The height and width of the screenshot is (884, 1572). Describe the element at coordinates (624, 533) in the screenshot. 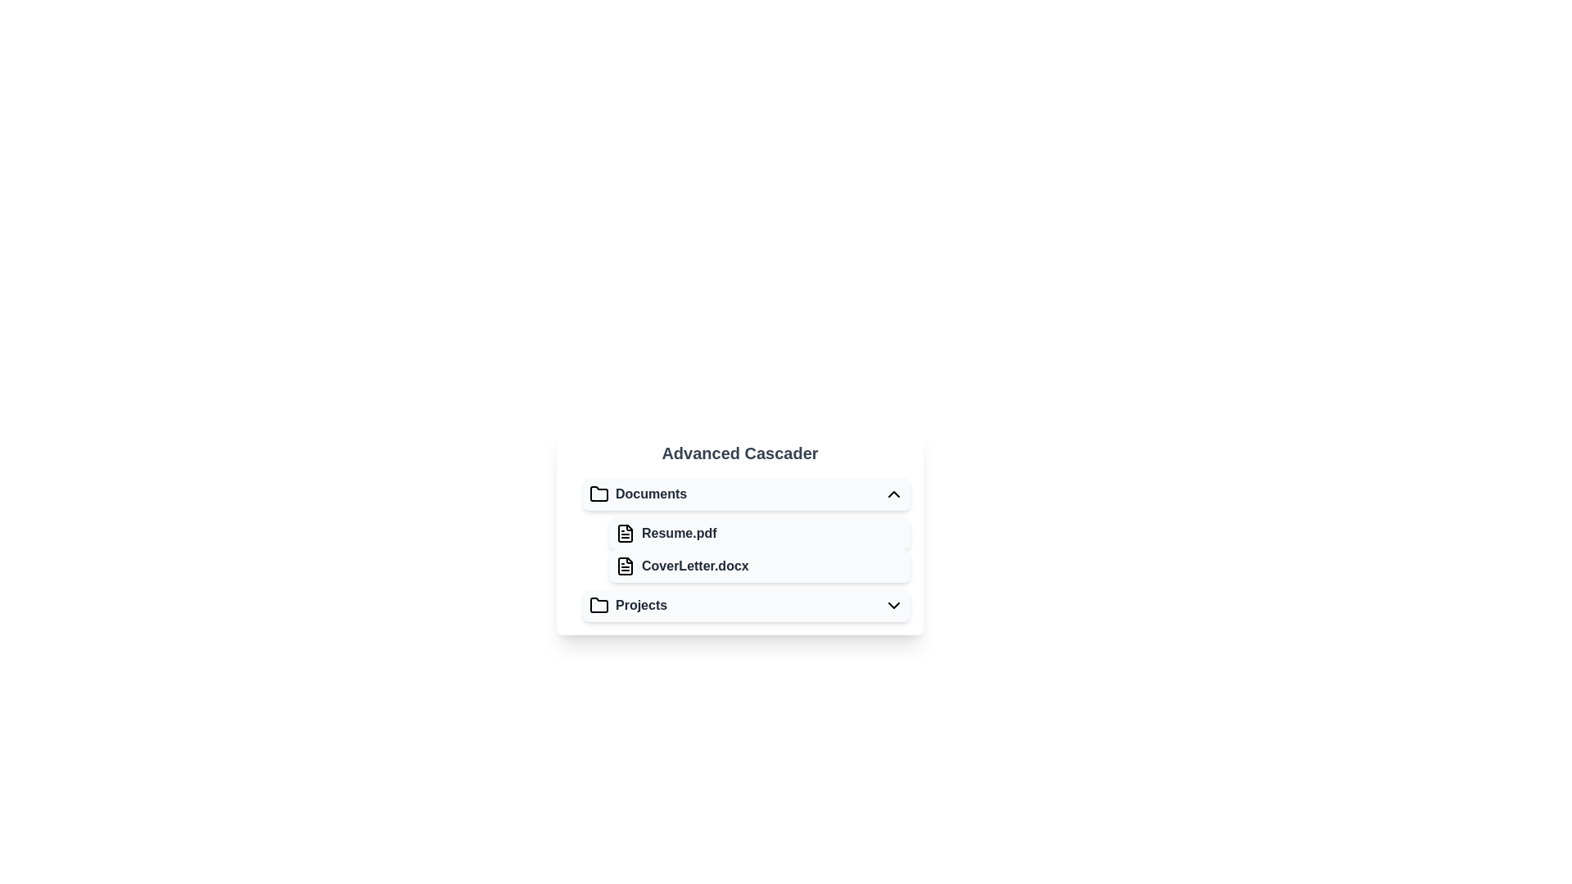

I see `the SVG icon that signifies a document file, which is located adjacent to the label 'Resume.pdf'` at that location.